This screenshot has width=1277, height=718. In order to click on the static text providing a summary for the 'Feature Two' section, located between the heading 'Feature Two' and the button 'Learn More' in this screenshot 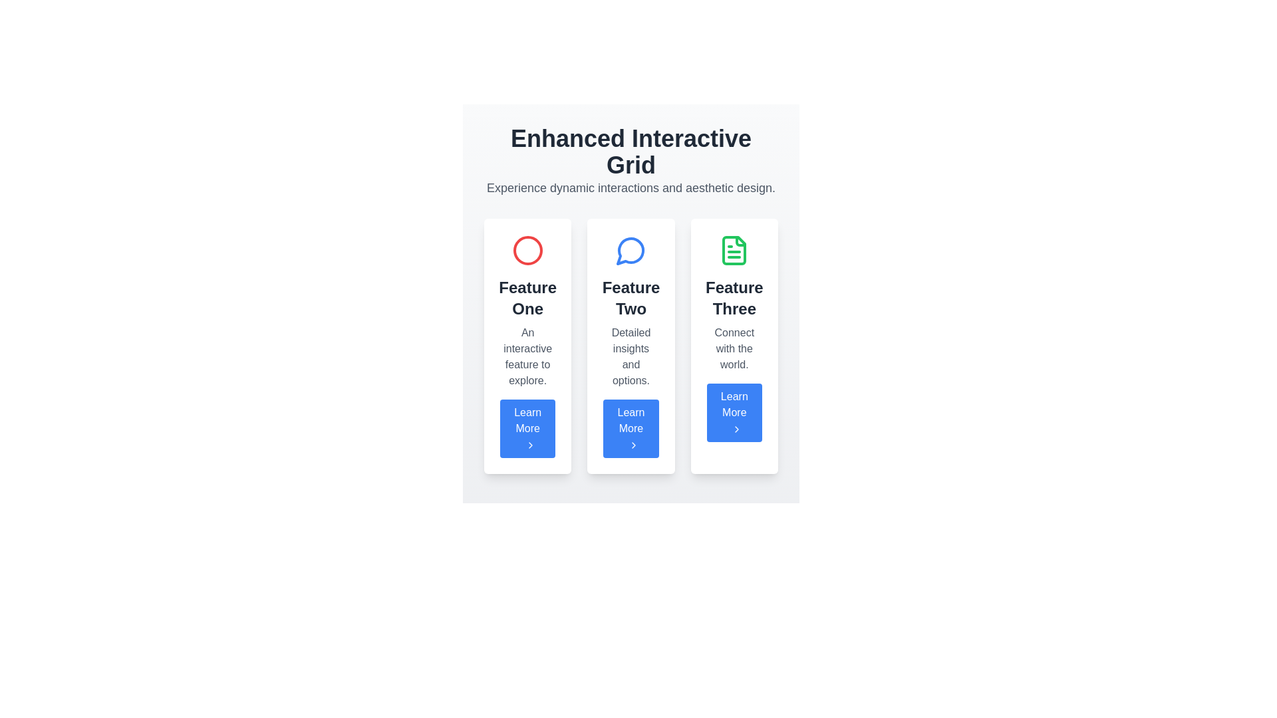, I will do `click(631, 356)`.